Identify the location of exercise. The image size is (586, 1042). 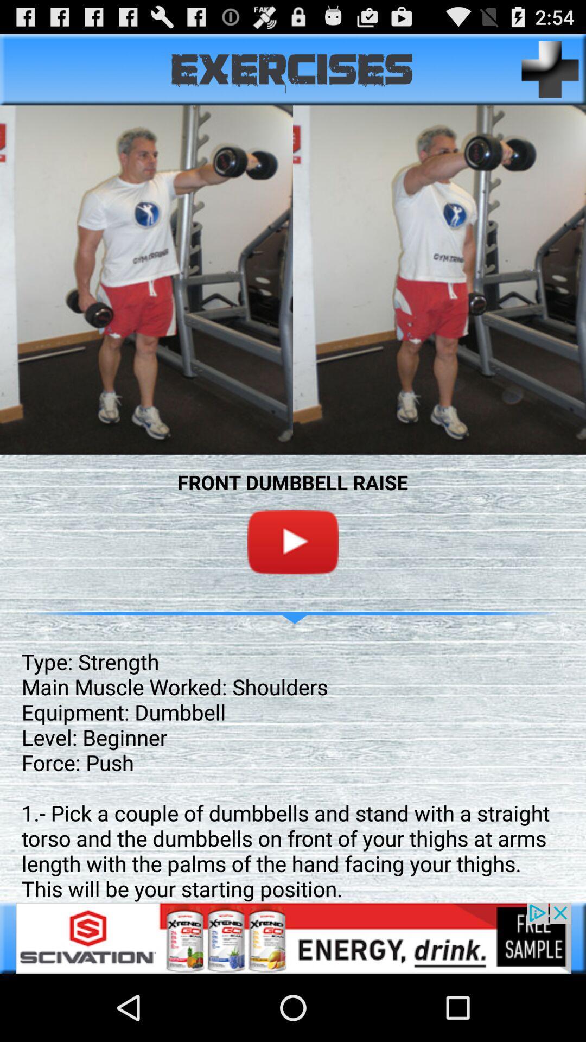
(550, 69).